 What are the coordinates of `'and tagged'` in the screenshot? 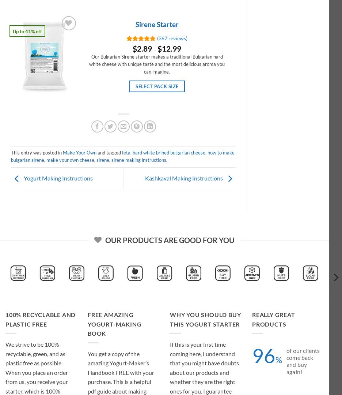 It's located at (109, 152).